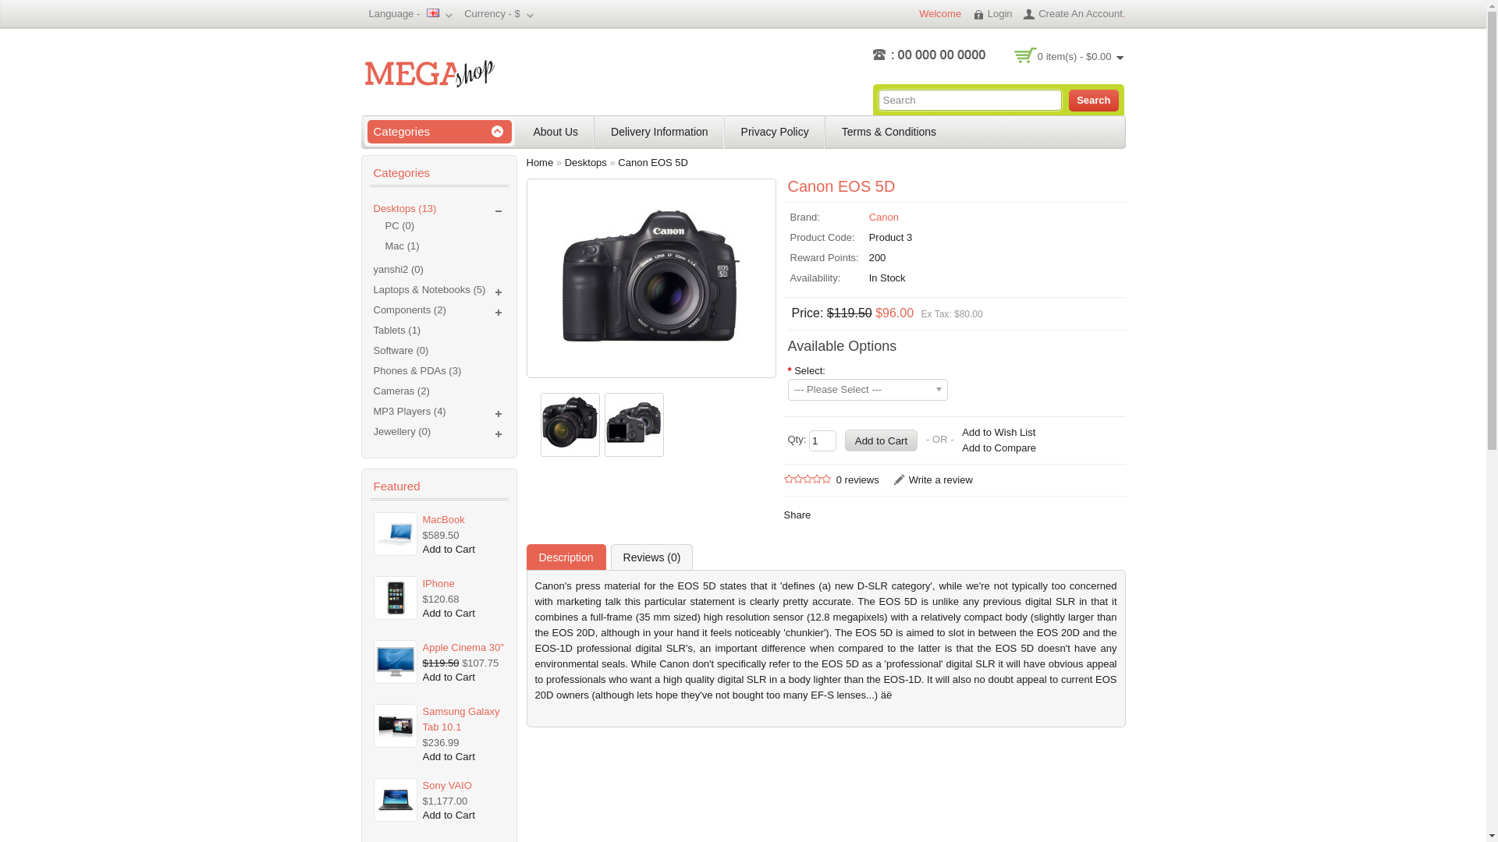 The height and width of the screenshot is (842, 1498). What do you see at coordinates (404, 207) in the screenshot?
I see `'Desktops (13)'` at bounding box center [404, 207].